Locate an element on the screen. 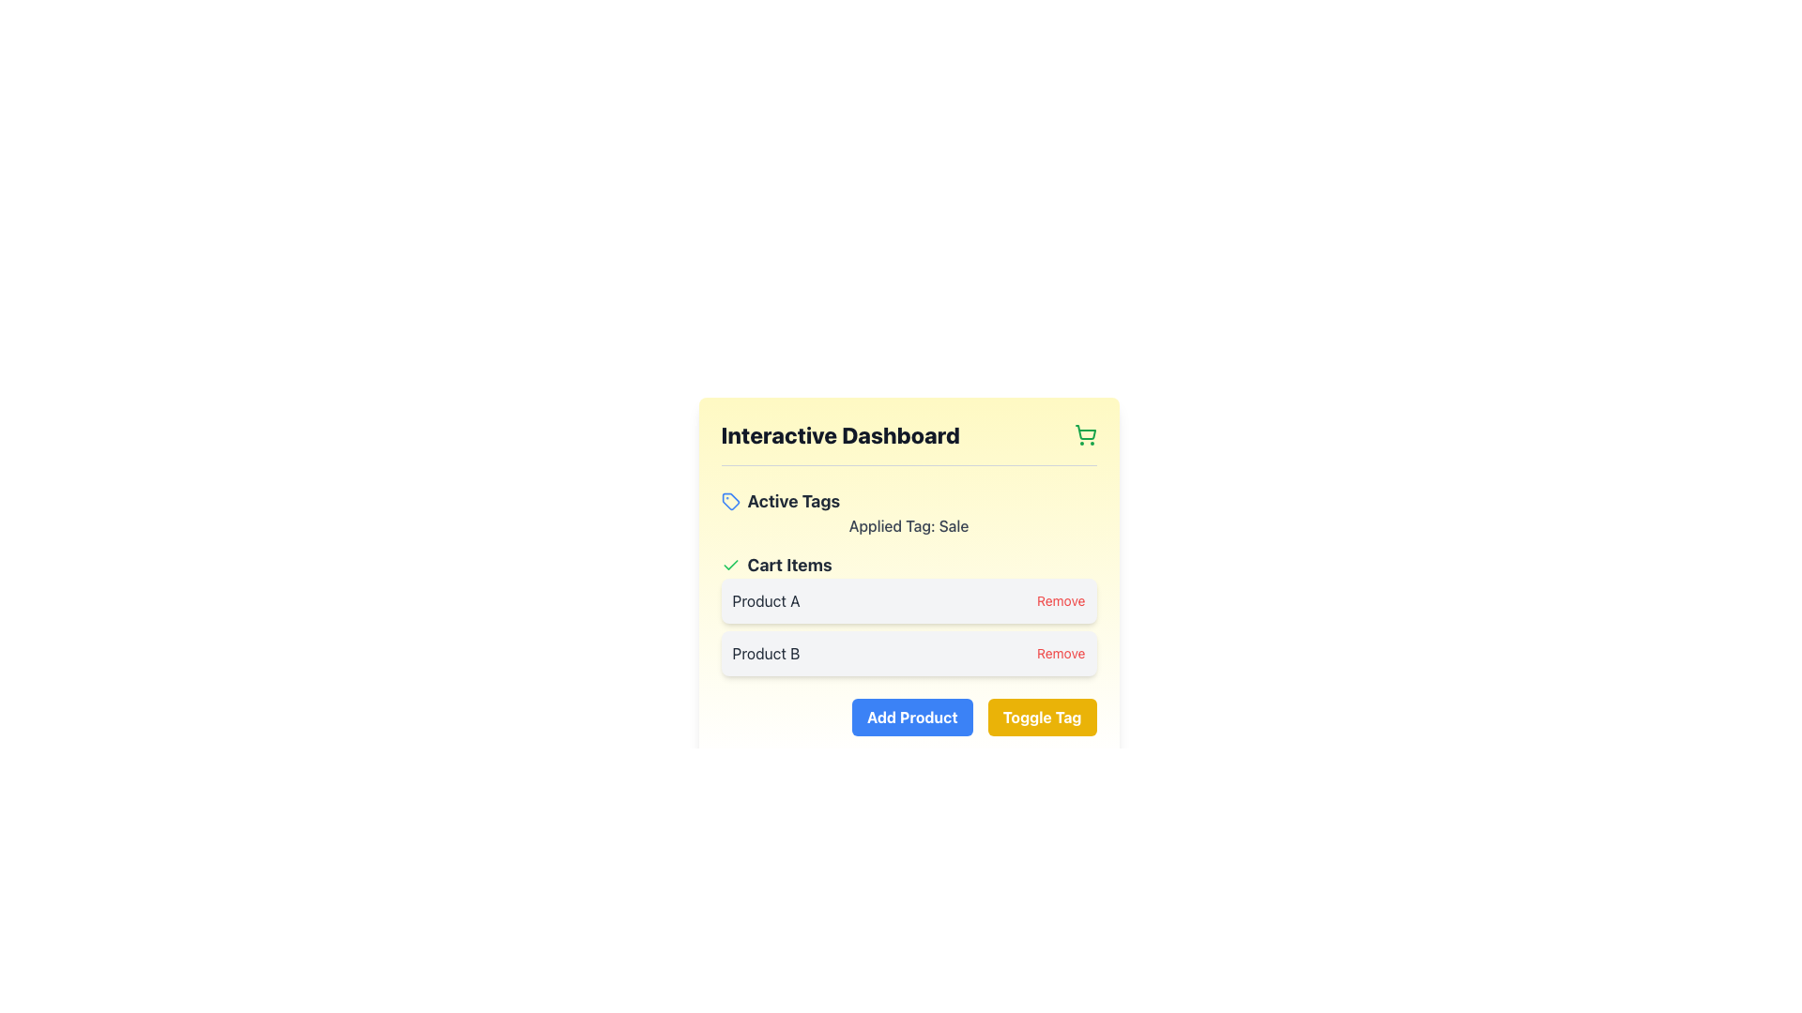 The image size is (1802, 1013). the green shopping cart icon located in the upper-right corner of the yellow dashboard interface is located at coordinates (1085, 432).